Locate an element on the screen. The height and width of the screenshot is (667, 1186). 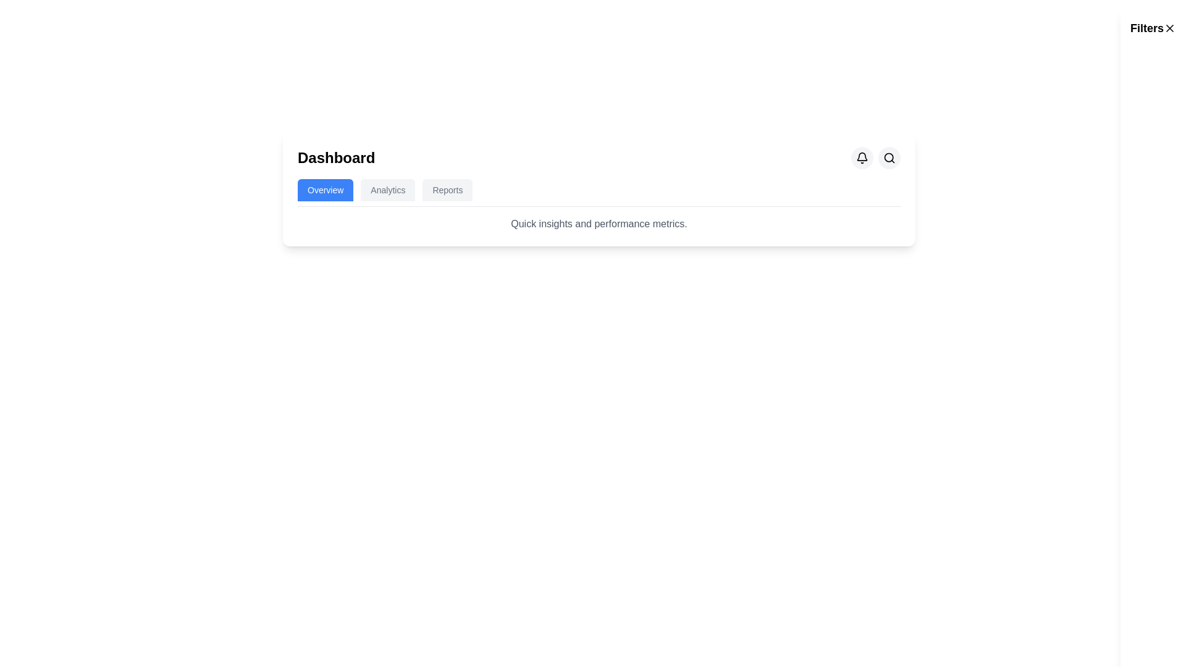
the central filled circle of the magnifying glass icon located at the right end of the top bar in the interface is located at coordinates (888, 157).